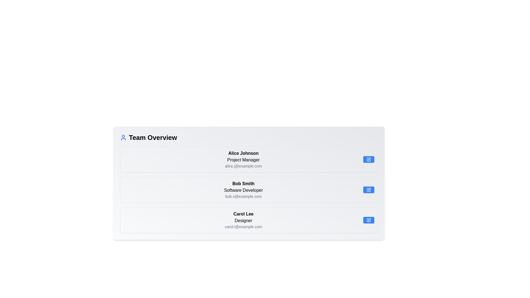 Image resolution: width=530 pixels, height=298 pixels. Describe the element at coordinates (369, 159) in the screenshot. I see `the square-pen icon next to the entry labeled 'Alice Johnson' in the team members list` at that location.